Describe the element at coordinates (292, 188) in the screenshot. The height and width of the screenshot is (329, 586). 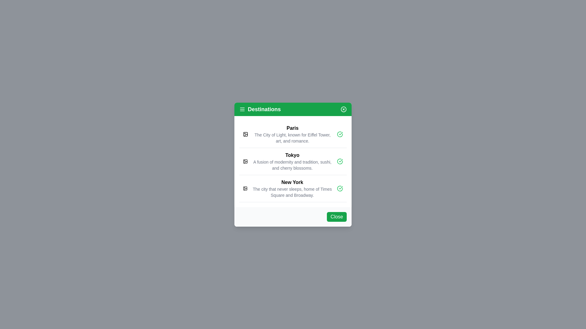
I see `the textual content displaying 'New York', which is the third item in the vertical list of city descriptions` at that location.